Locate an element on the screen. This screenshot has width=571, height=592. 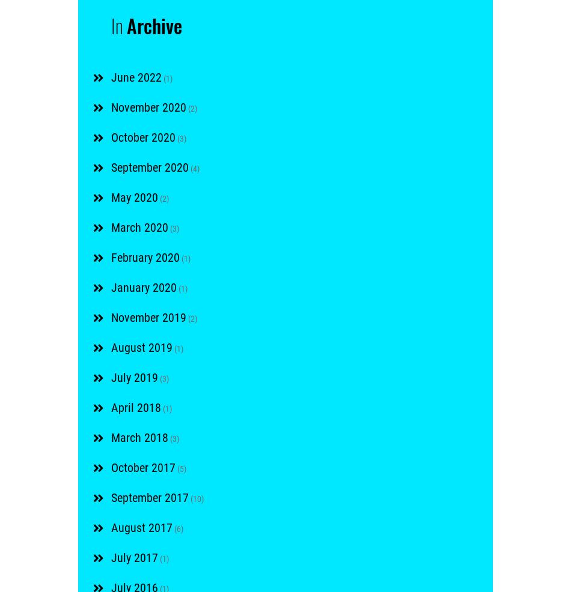
'Archive' is located at coordinates (153, 24).